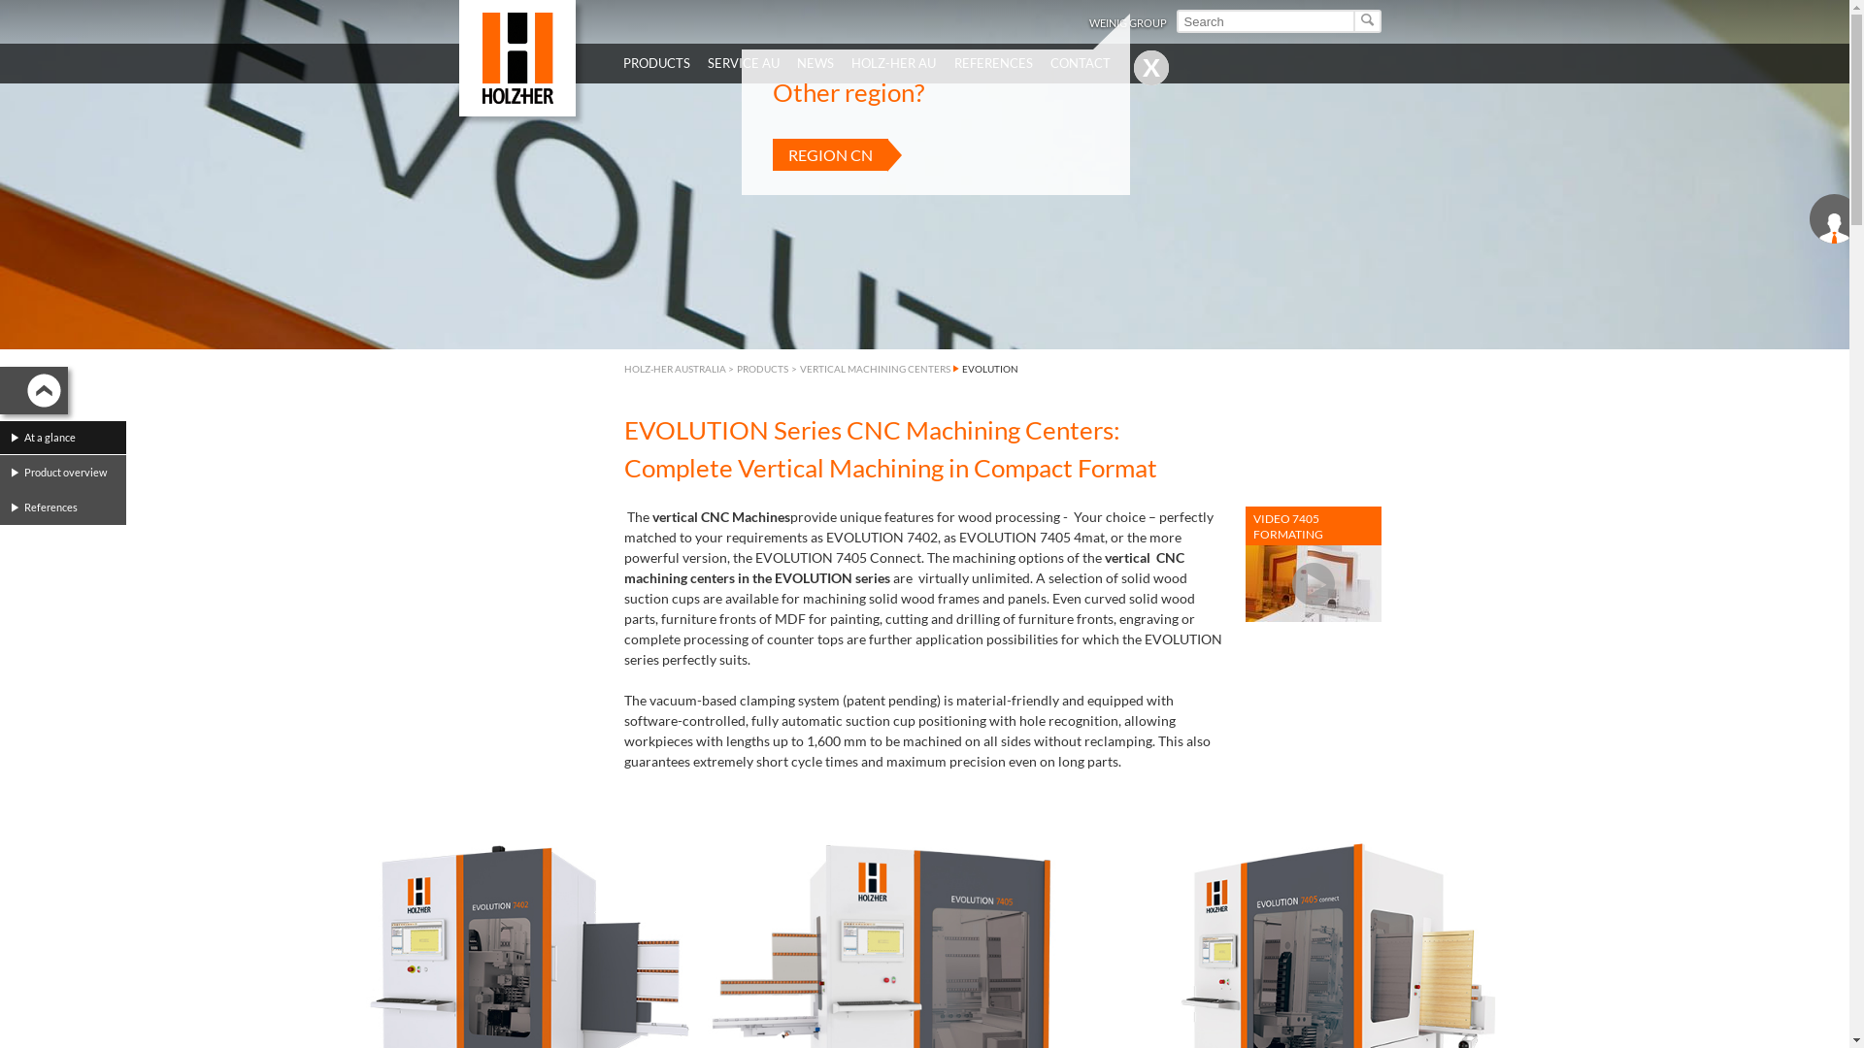  What do you see at coordinates (68, 472) in the screenshot?
I see `'Product overview'` at bounding box center [68, 472].